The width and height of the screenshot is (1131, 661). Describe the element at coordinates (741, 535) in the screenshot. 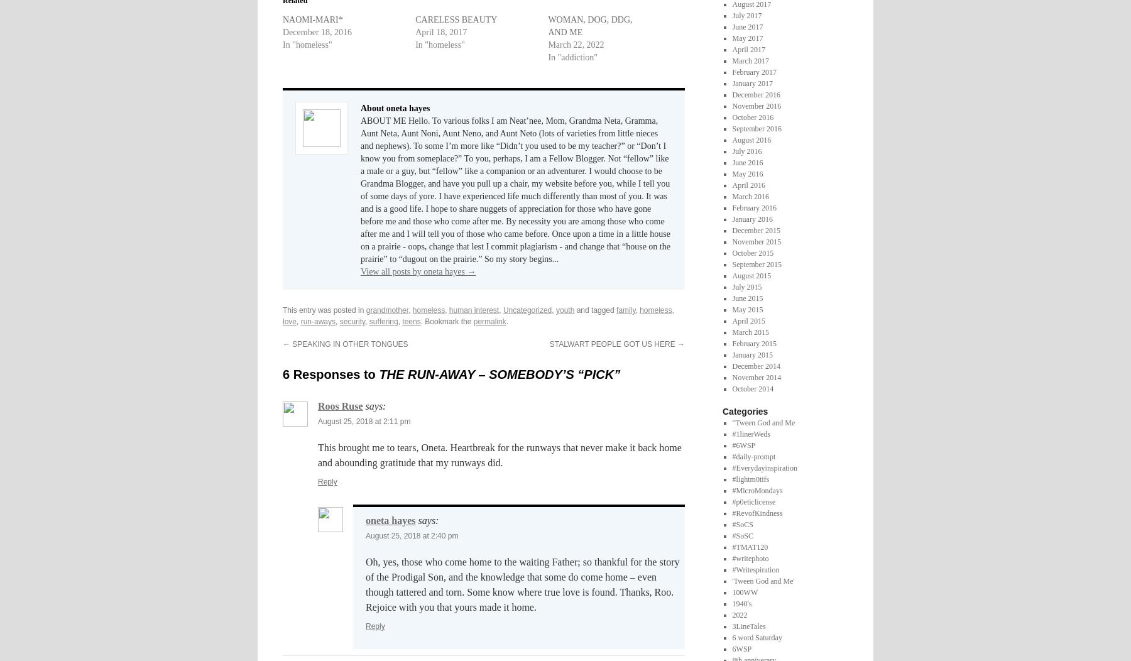

I see `'#SoSC'` at that location.